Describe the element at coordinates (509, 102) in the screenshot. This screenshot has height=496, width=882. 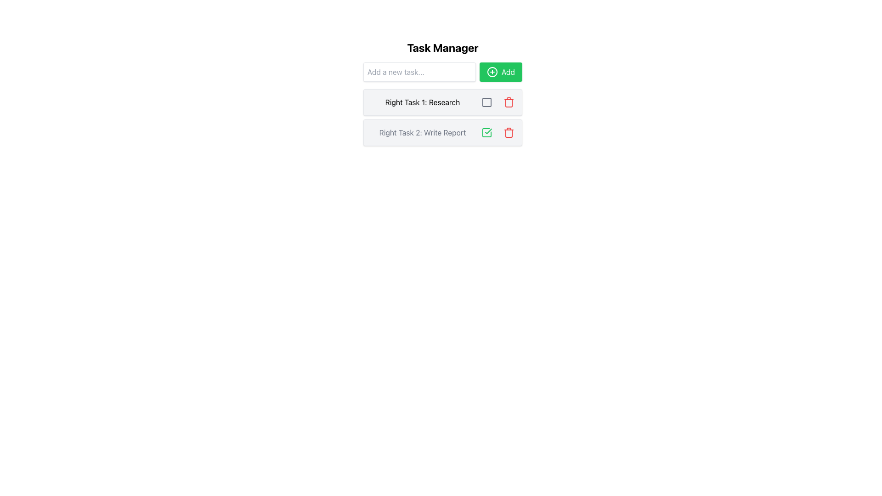
I see `the trashcan icon, which is styled with a red stroke color and located in the second task row at the far right edge` at that location.